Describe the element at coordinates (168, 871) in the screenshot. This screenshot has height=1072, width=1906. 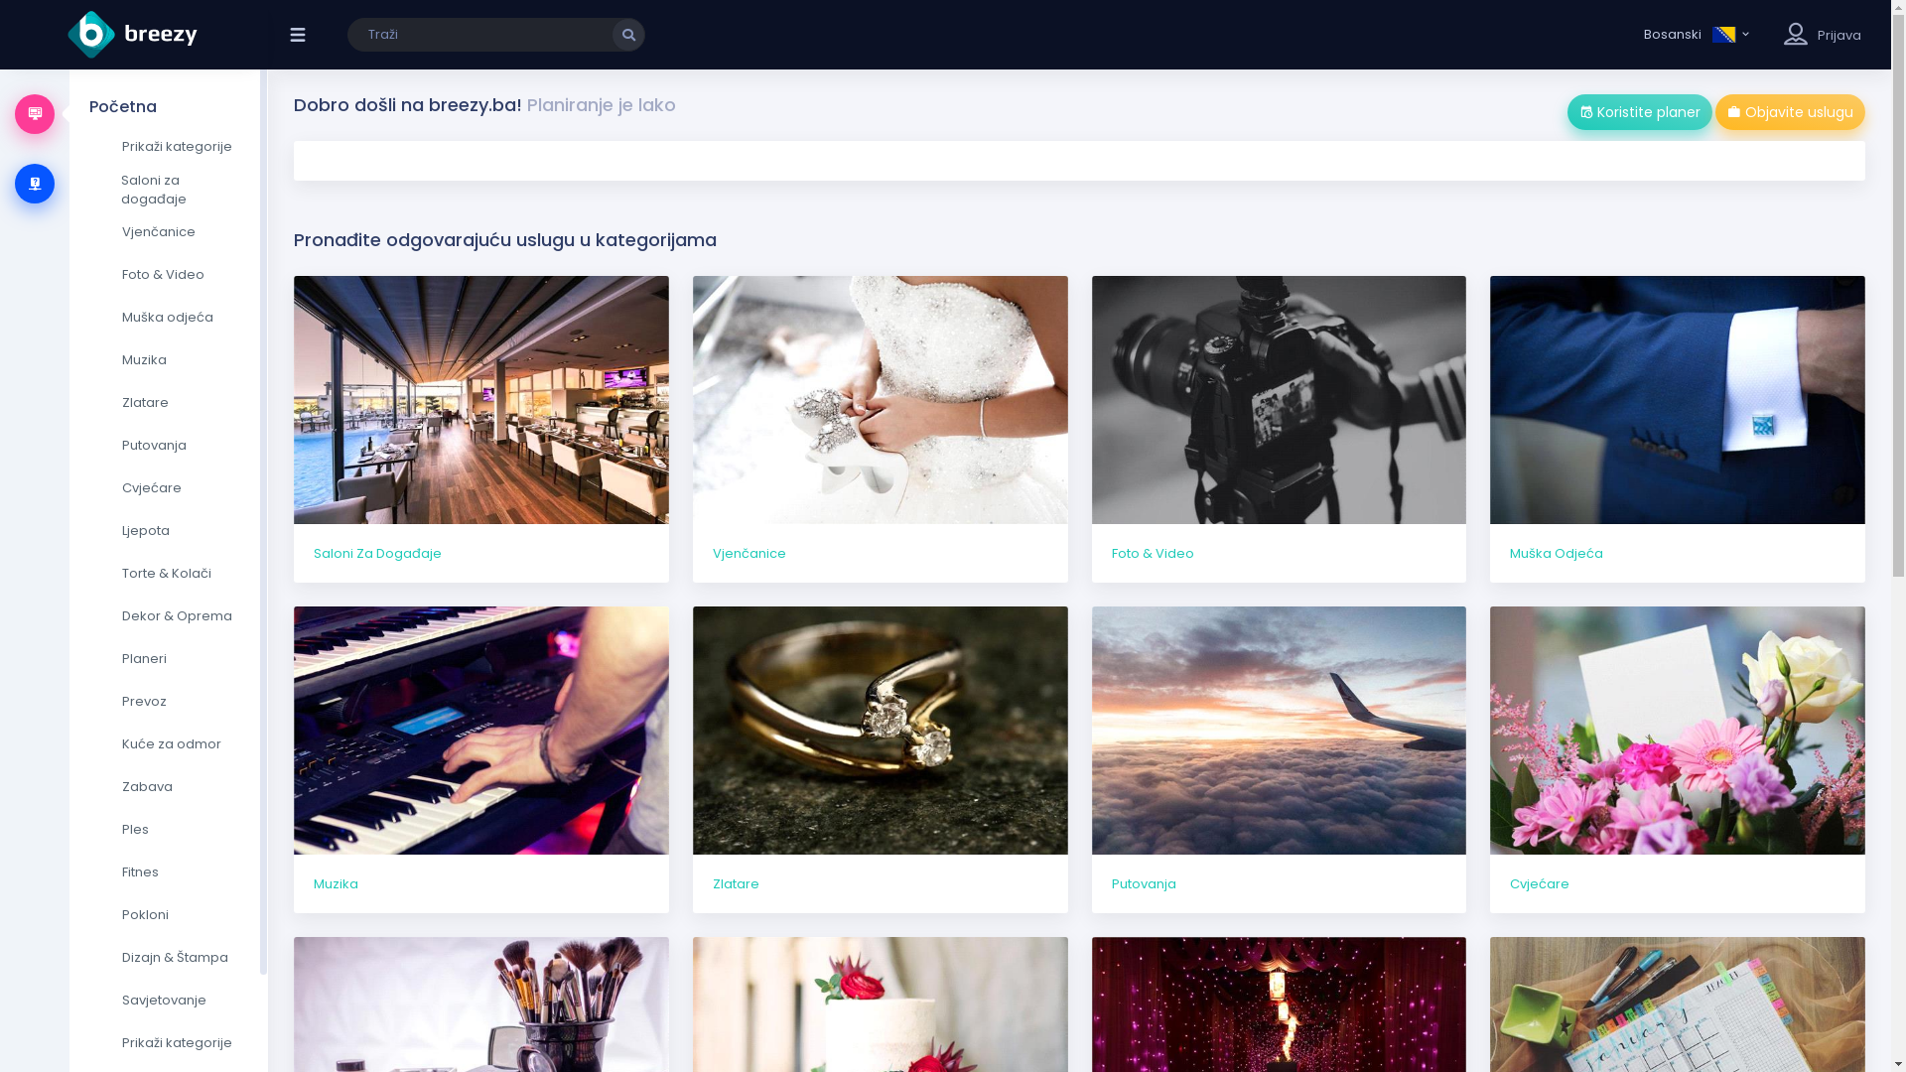
I see `'Fitnes'` at that location.